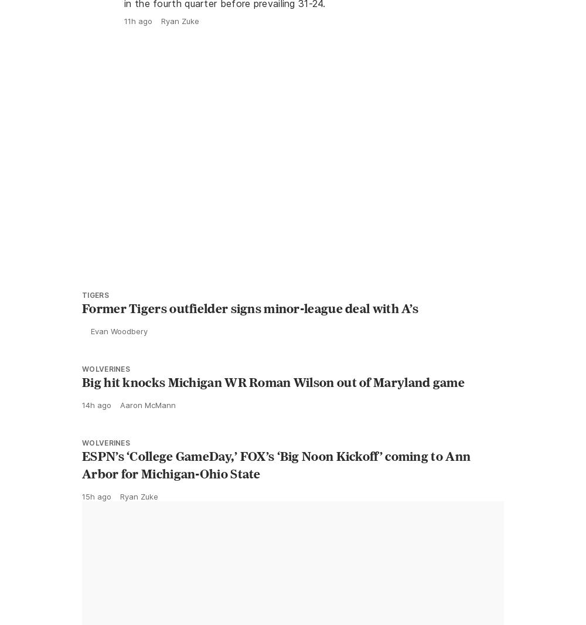  Describe the element at coordinates (275, 491) in the screenshot. I see `'ESPN’s ‘College GameDay,’ FOX’s ‘Big Noon Kickoff’ coming to Ann Arbor for Michigan-Ohio State'` at that location.